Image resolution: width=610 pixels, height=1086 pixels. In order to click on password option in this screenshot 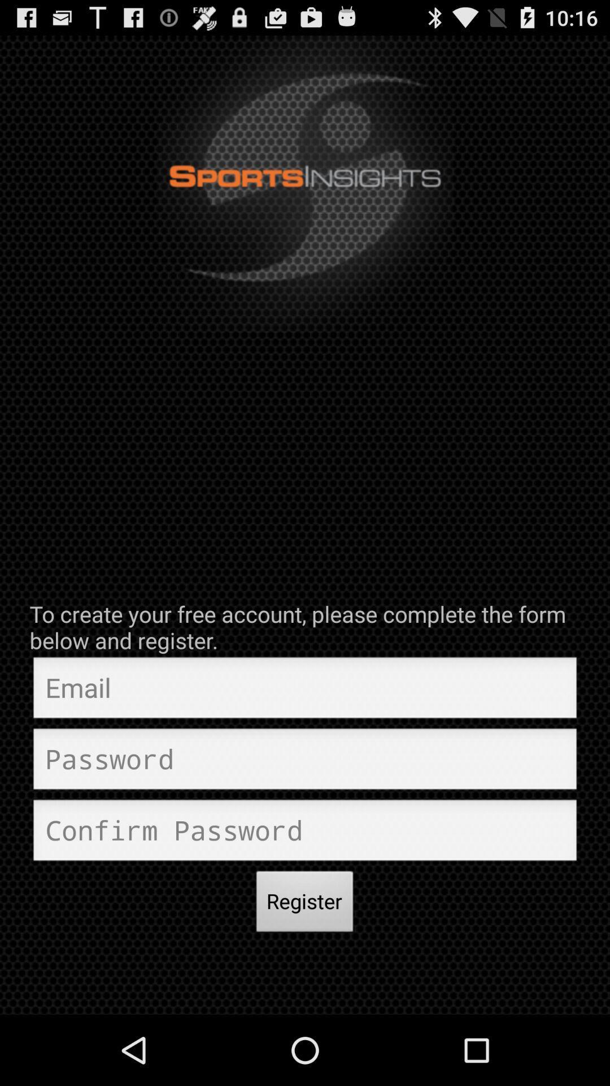, I will do `click(305, 762)`.